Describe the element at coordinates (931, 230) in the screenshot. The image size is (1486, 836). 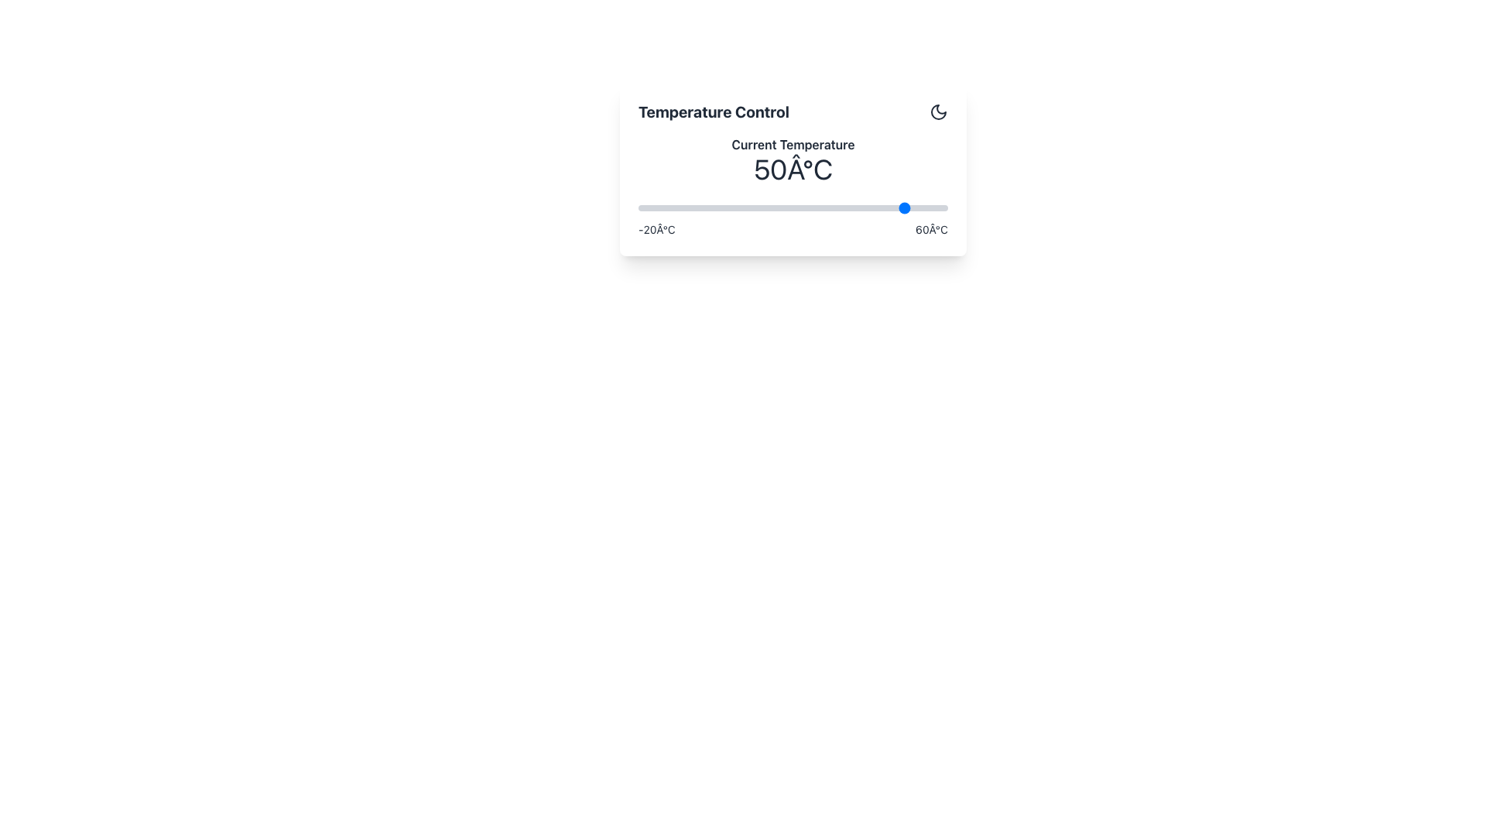
I see `displayed text from the static text label that shows the maximum temperature on the far right side of the temperature range selector` at that location.